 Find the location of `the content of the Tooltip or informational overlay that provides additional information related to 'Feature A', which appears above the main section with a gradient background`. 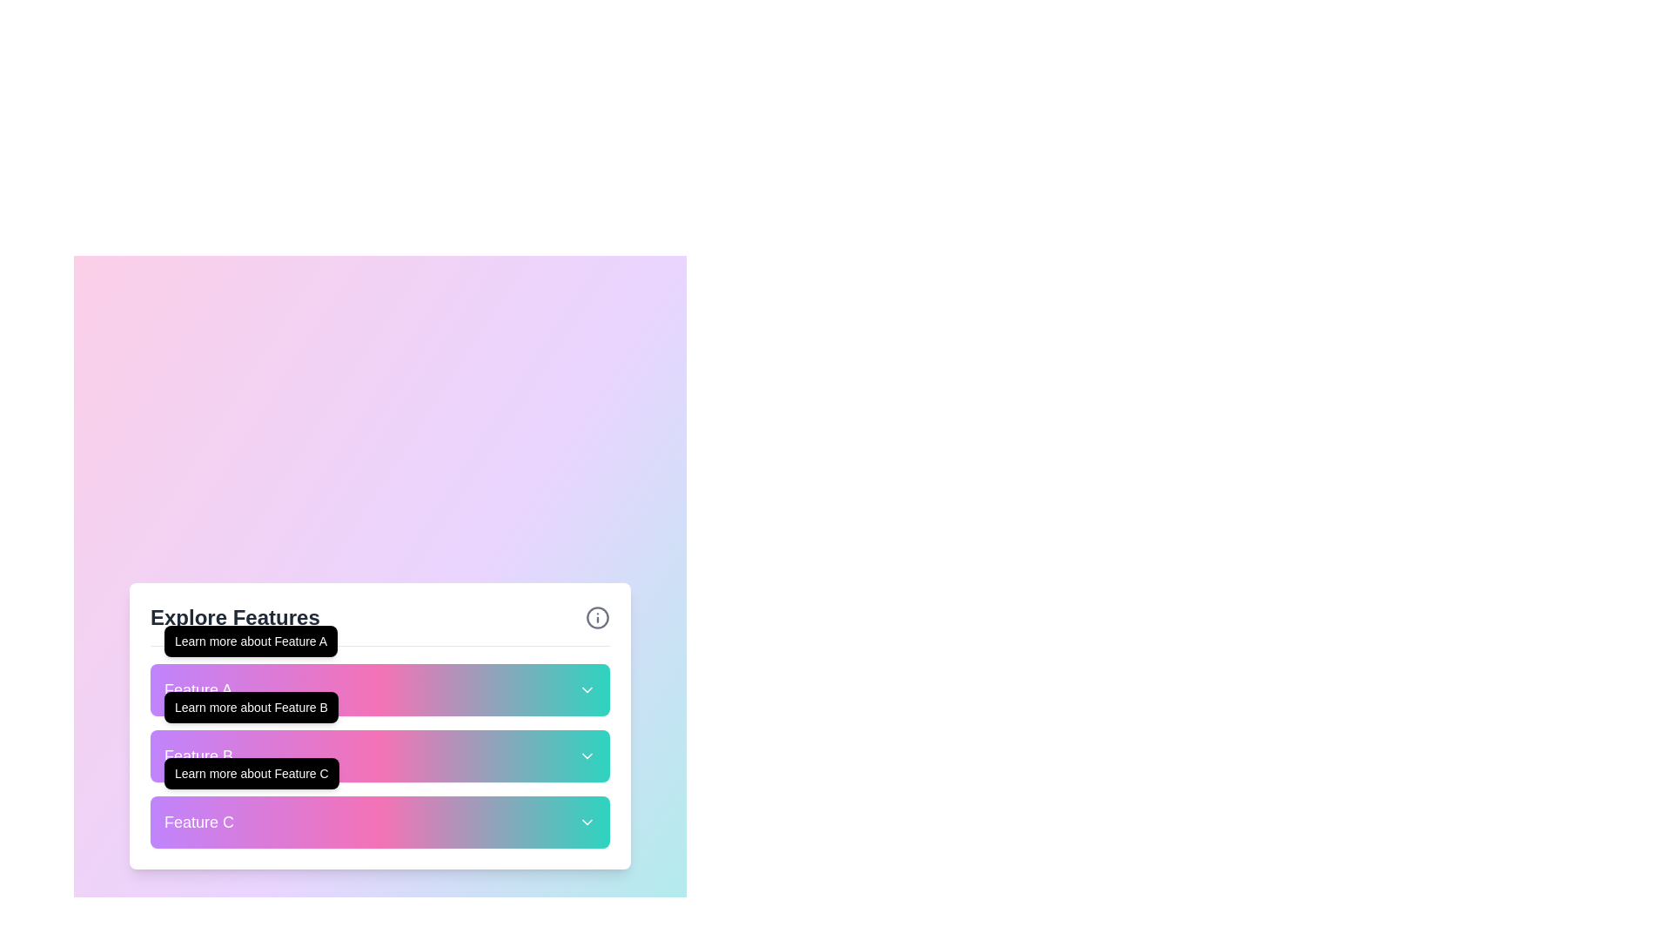

the content of the Tooltip or informational overlay that provides additional information related to 'Feature A', which appears above the main section with a gradient background is located at coordinates (250, 641).